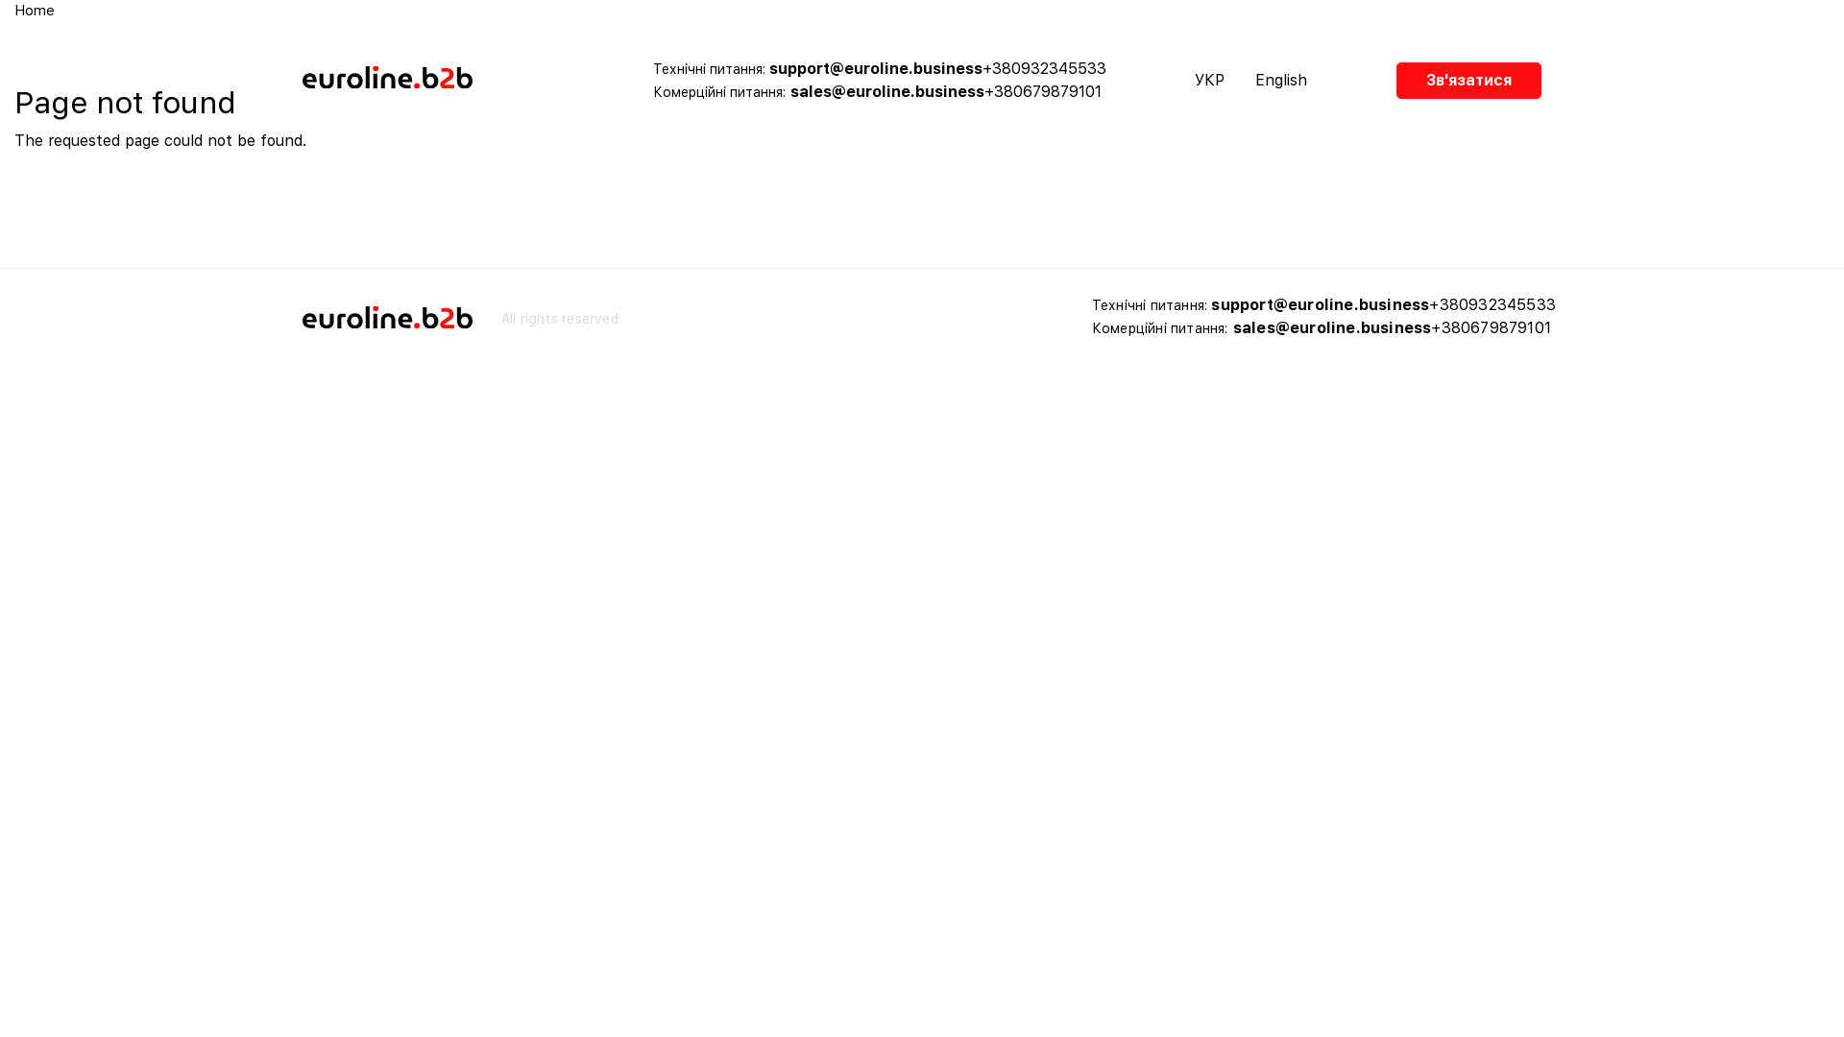  I want to click on 'sales@euroline.business', so click(1331, 326).